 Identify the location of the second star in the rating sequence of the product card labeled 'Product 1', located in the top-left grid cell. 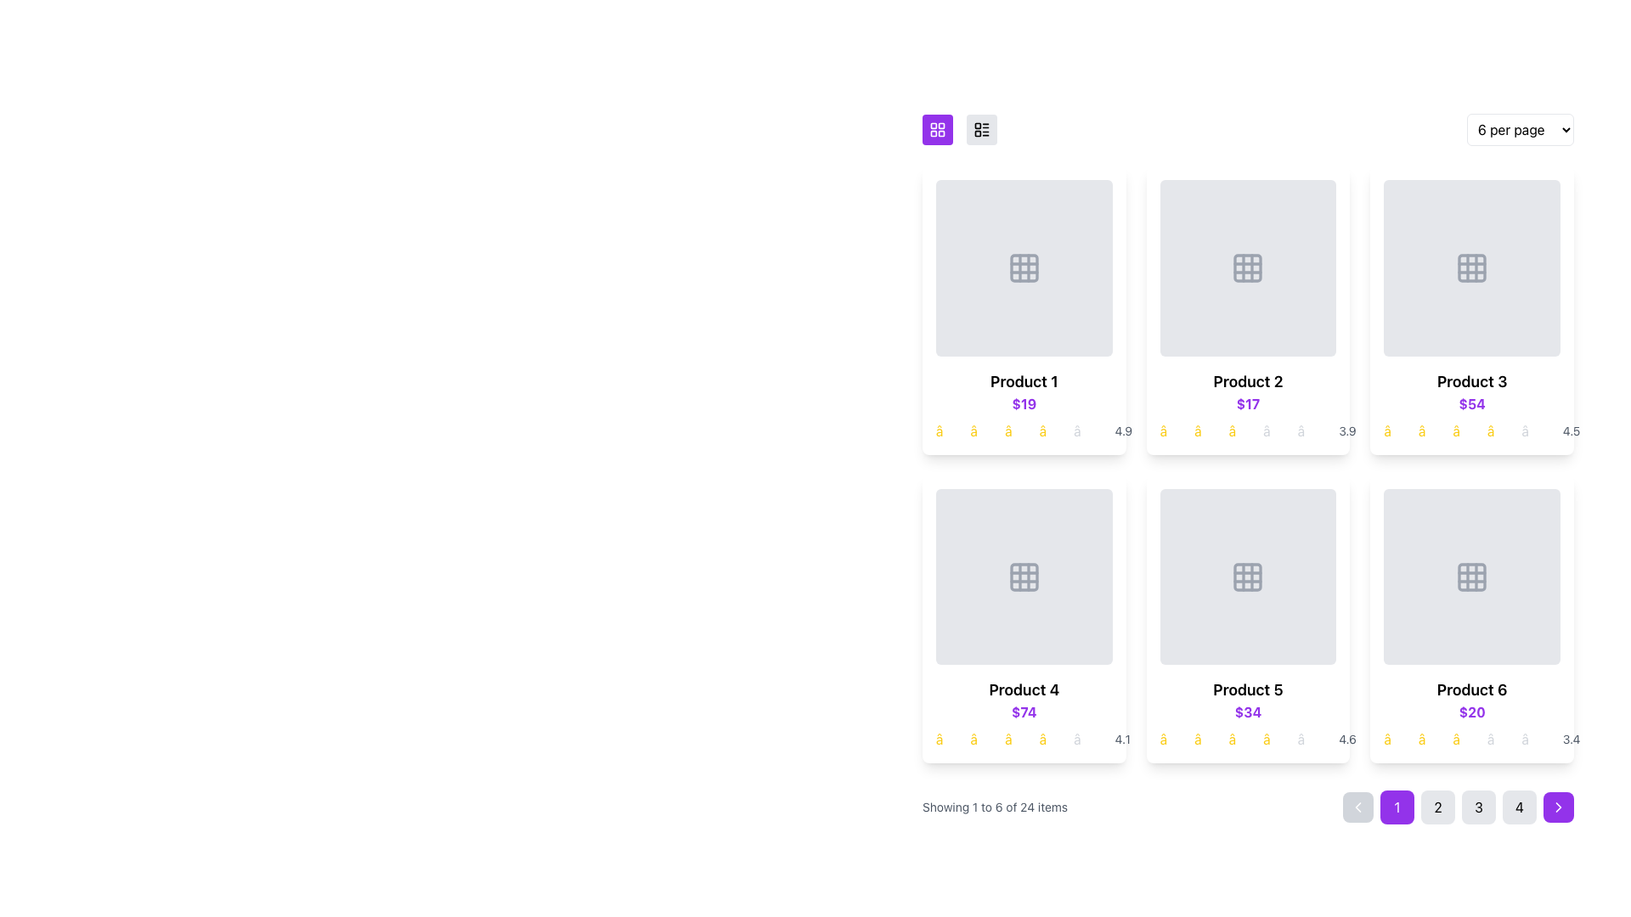
(987, 430).